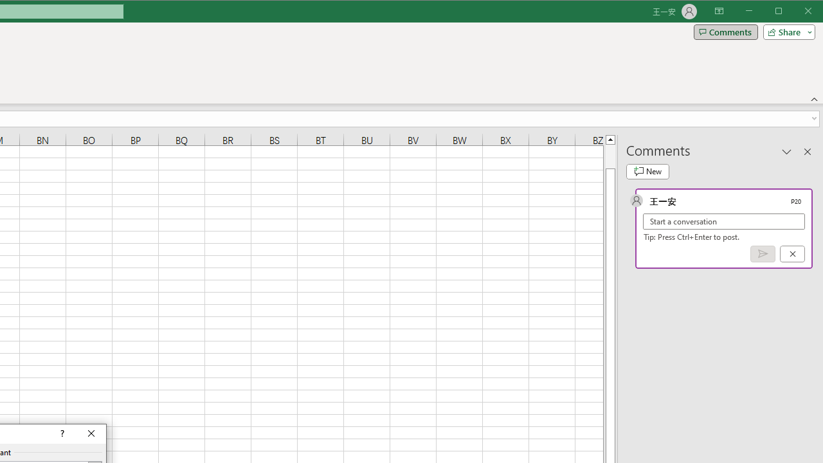 This screenshot has height=463, width=823. What do you see at coordinates (786, 150) in the screenshot?
I see `'Task Pane Options'` at bounding box center [786, 150].